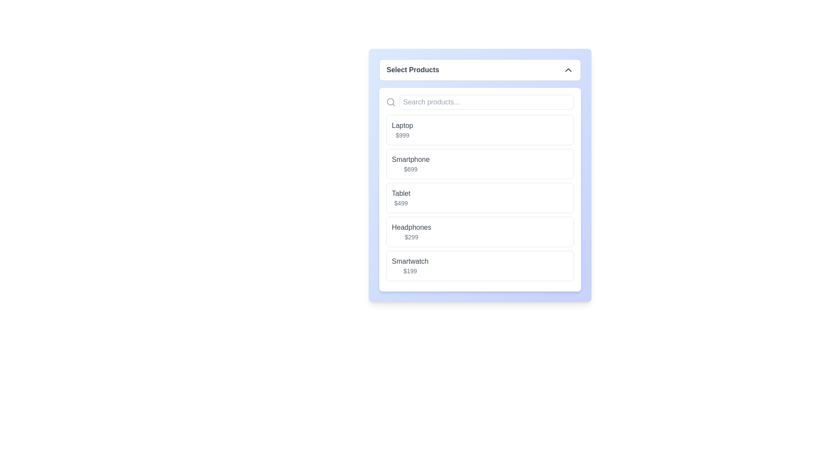  I want to click on the 'Headphones' text element displaying the price '$299', so click(411, 231).